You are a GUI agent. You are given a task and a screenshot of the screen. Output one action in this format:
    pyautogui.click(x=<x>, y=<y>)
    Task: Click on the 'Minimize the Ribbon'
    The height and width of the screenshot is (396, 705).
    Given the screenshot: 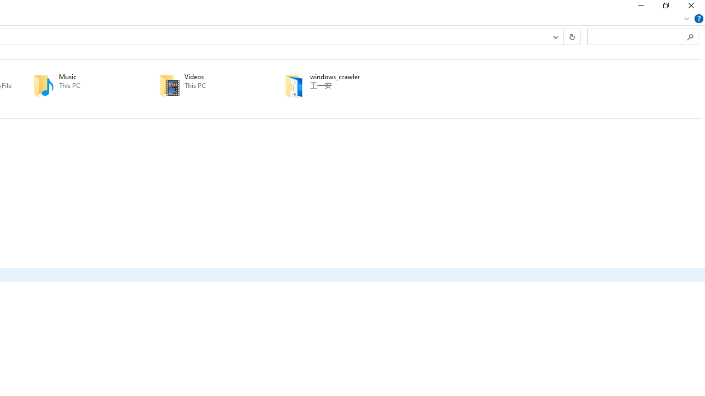 What is the action you would take?
    pyautogui.click(x=686, y=18)
    